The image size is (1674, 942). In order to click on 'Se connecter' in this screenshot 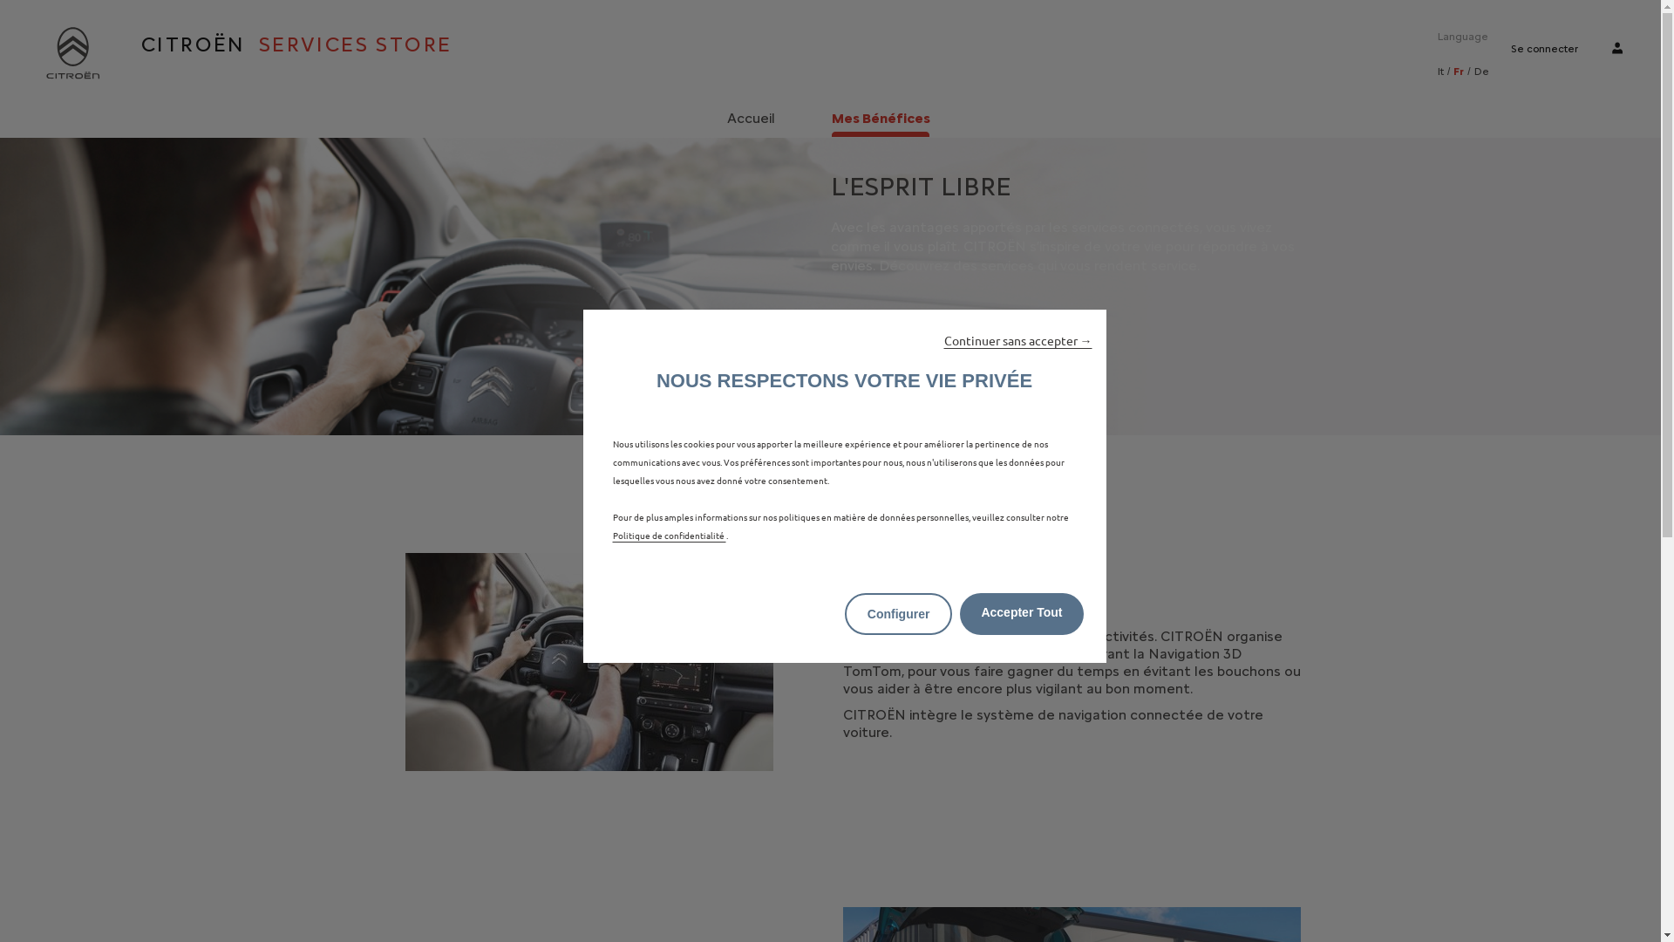, I will do `click(1544, 48)`.